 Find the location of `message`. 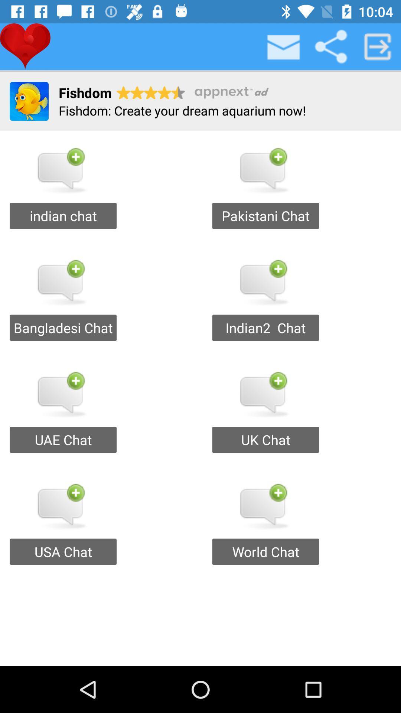

message is located at coordinates (284, 46).